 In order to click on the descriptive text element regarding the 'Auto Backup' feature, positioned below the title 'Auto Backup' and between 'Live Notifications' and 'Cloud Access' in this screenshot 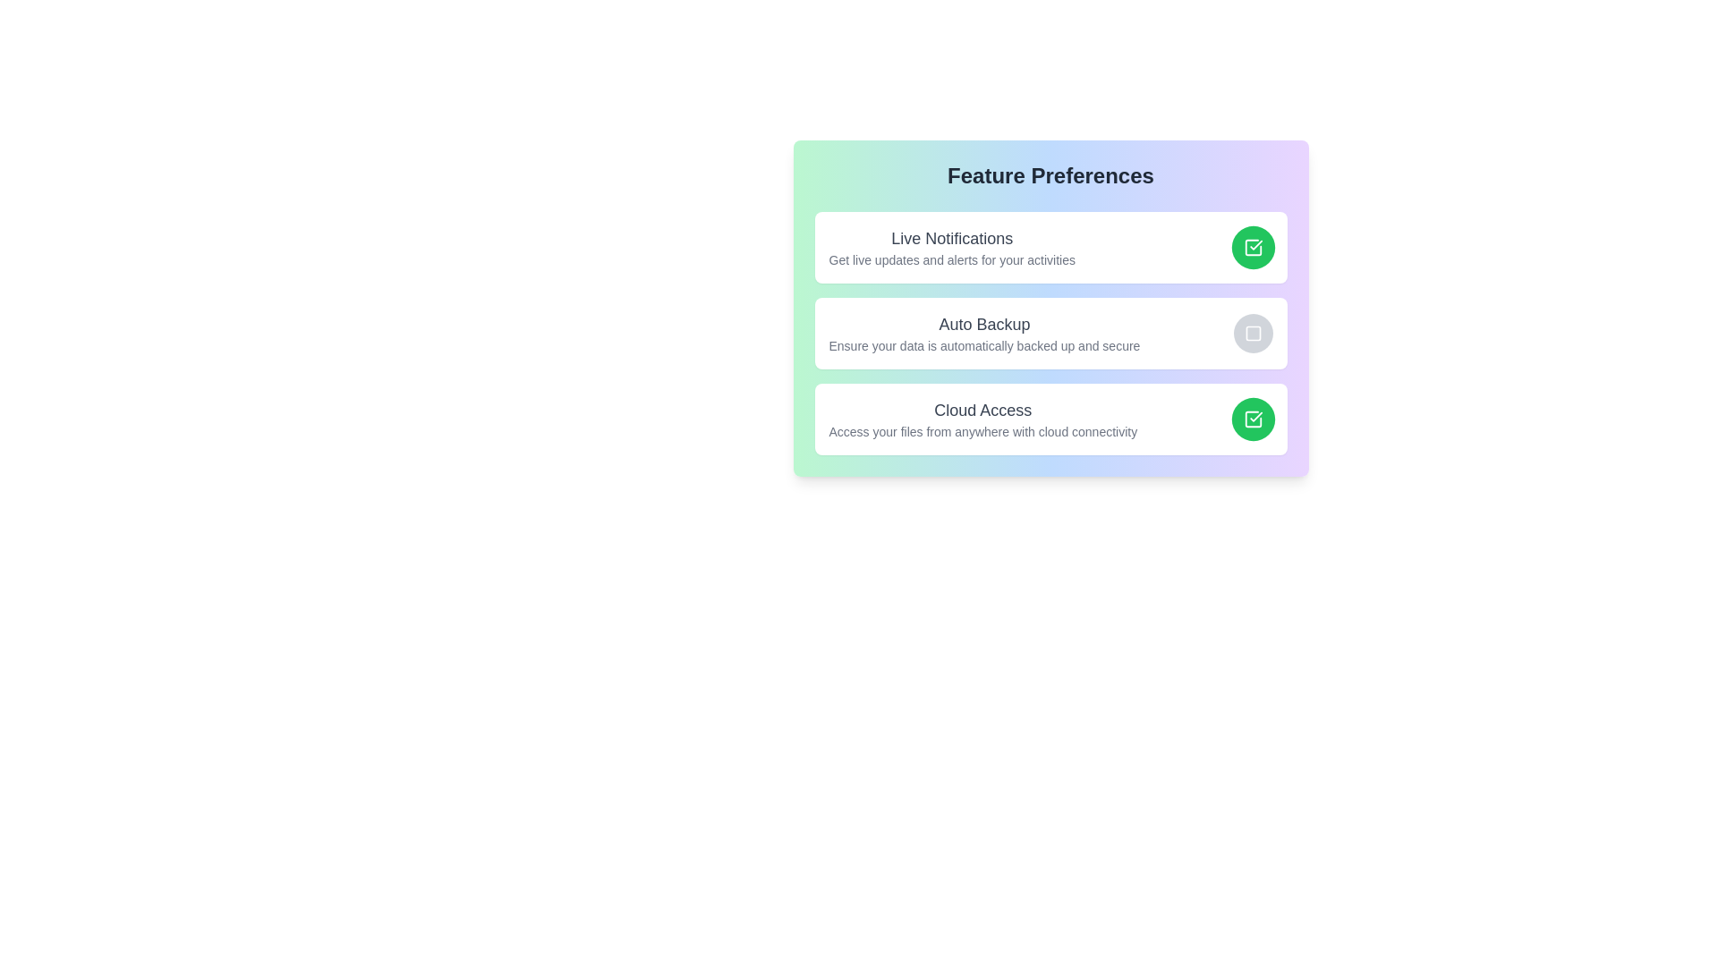, I will do `click(983, 345)`.